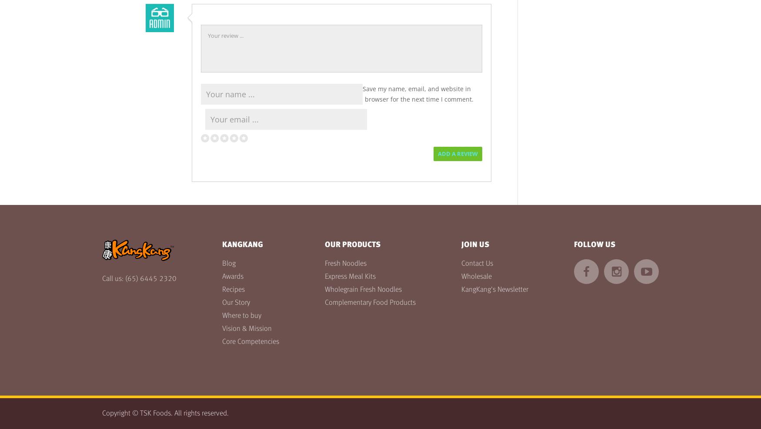  What do you see at coordinates (250, 341) in the screenshot?
I see `'Core Competencies'` at bounding box center [250, 341].